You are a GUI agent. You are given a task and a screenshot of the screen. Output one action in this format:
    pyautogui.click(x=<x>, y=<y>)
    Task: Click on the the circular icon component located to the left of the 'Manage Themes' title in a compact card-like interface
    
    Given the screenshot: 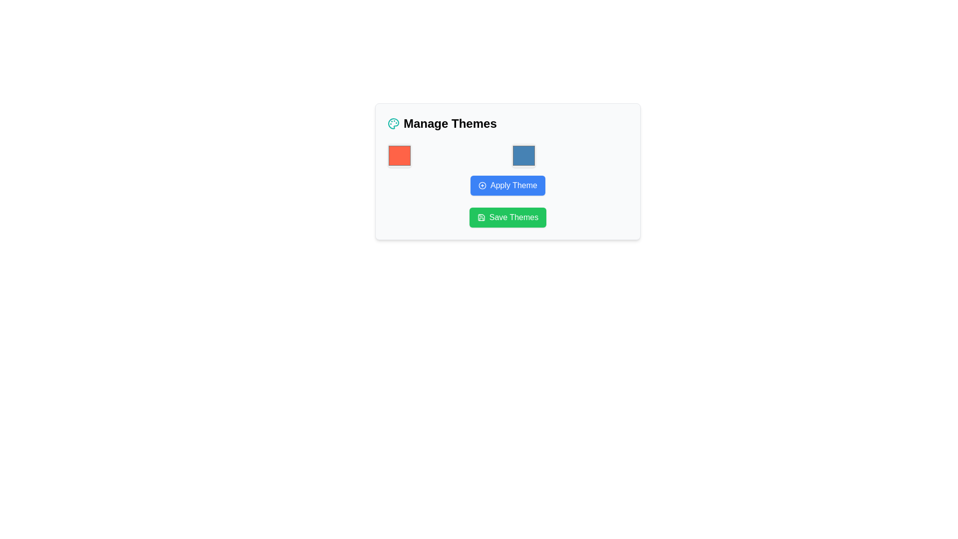 What is the action you would take?
    pyautogui.click(x=393, y=123)
    